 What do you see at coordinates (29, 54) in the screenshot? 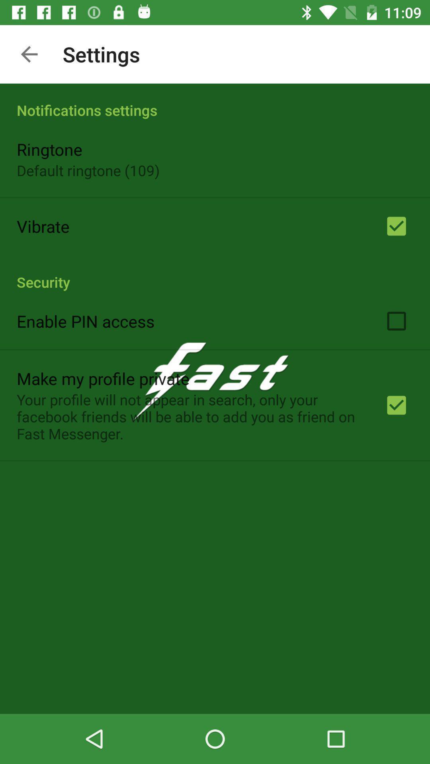
I see `the item above the notifications settings app` at bounding box center [29, 54].